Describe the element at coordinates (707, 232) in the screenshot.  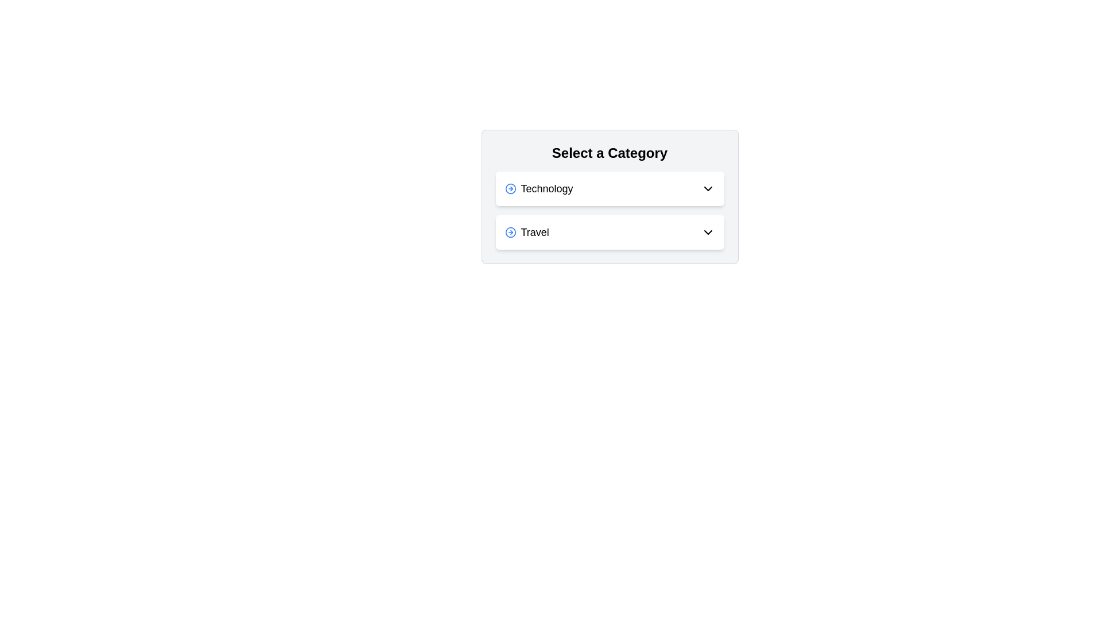
I see `the downward-facing chevron icon located next to the text 'Travel'` at that location.